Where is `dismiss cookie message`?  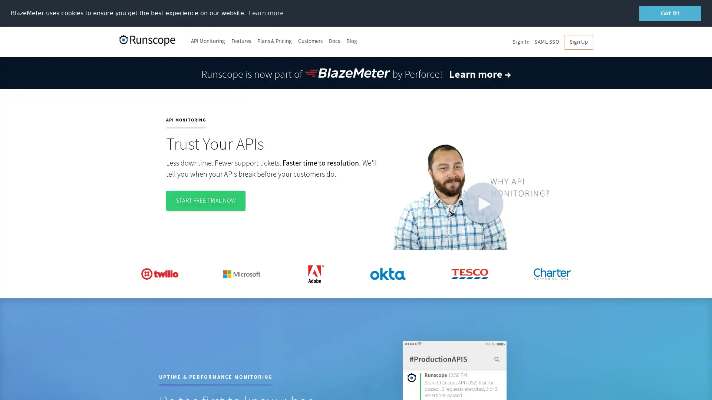 dismiss cookie message is located at coordinates (670, 13).